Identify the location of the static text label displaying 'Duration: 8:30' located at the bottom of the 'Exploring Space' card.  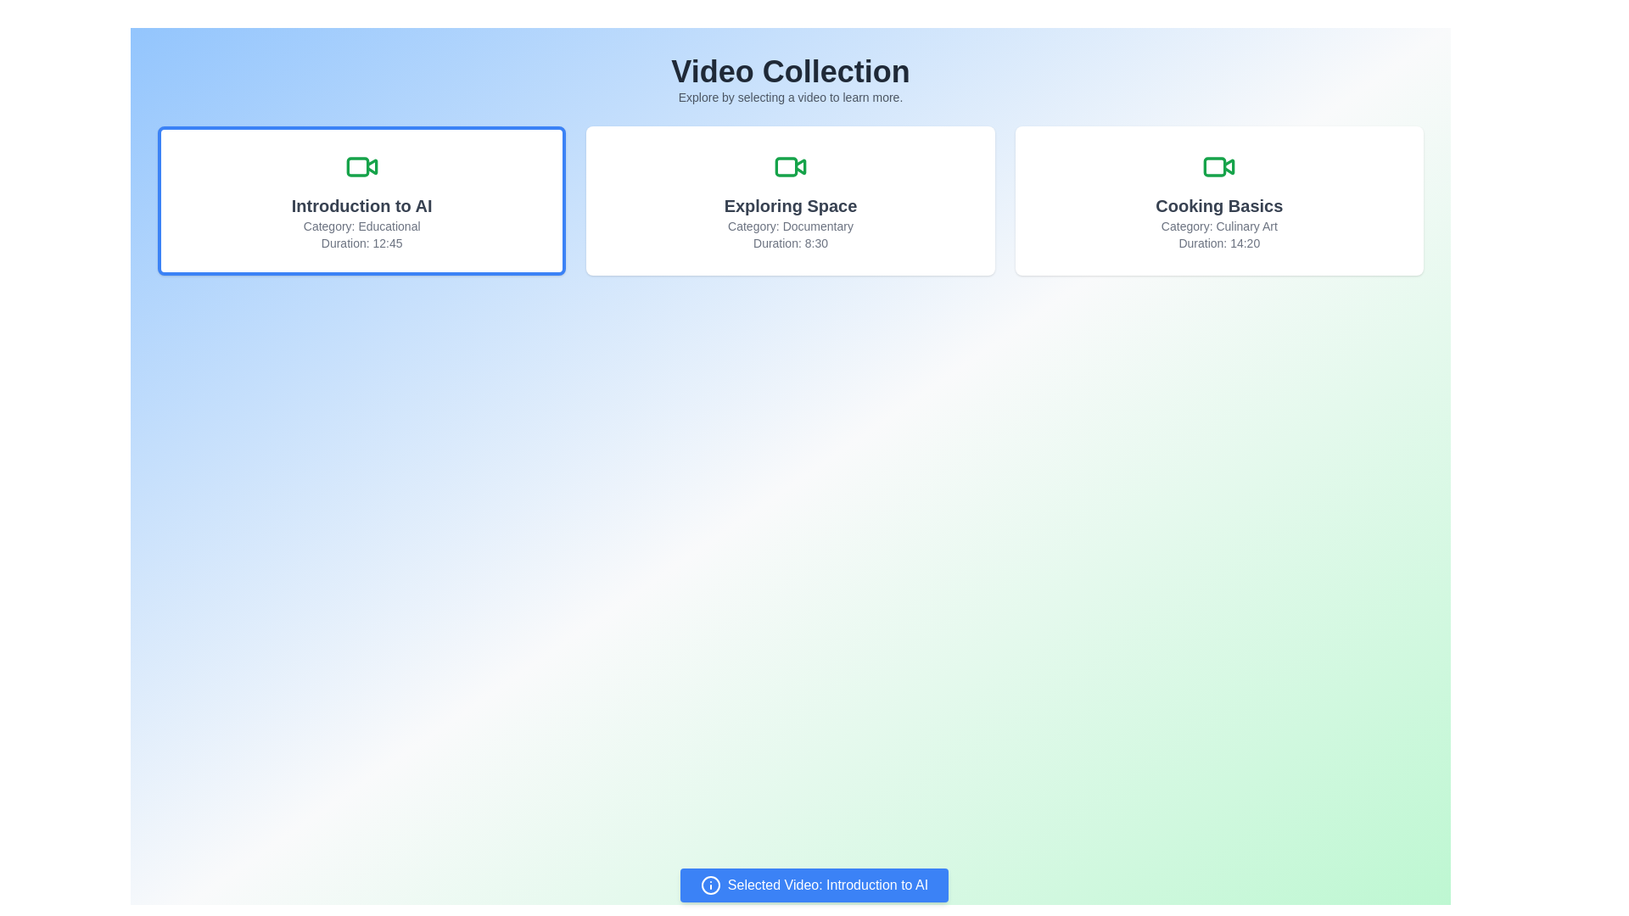
(789, 243).